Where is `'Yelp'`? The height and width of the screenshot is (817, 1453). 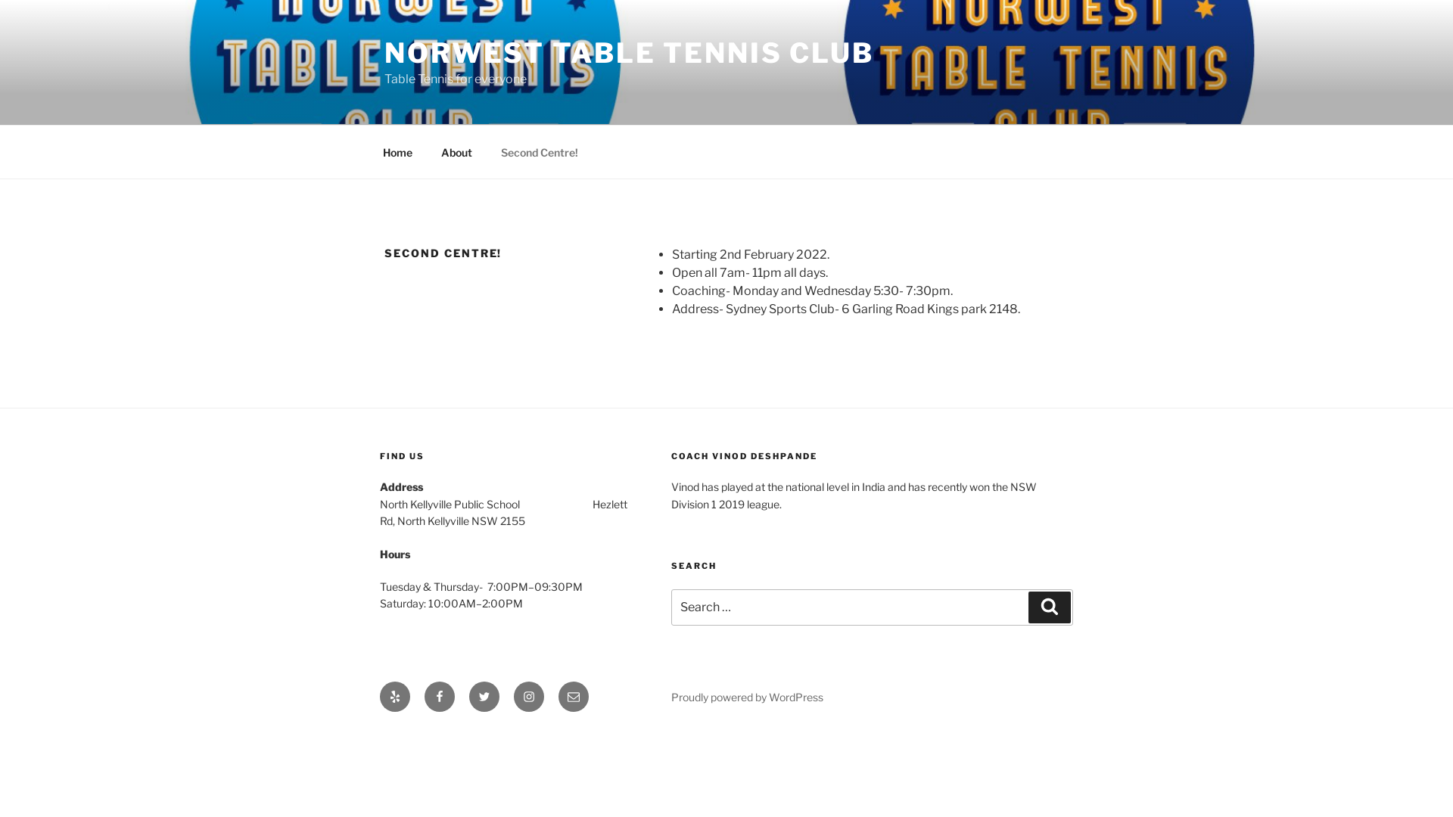
'Yelp' is located at coordinates (395, 697).